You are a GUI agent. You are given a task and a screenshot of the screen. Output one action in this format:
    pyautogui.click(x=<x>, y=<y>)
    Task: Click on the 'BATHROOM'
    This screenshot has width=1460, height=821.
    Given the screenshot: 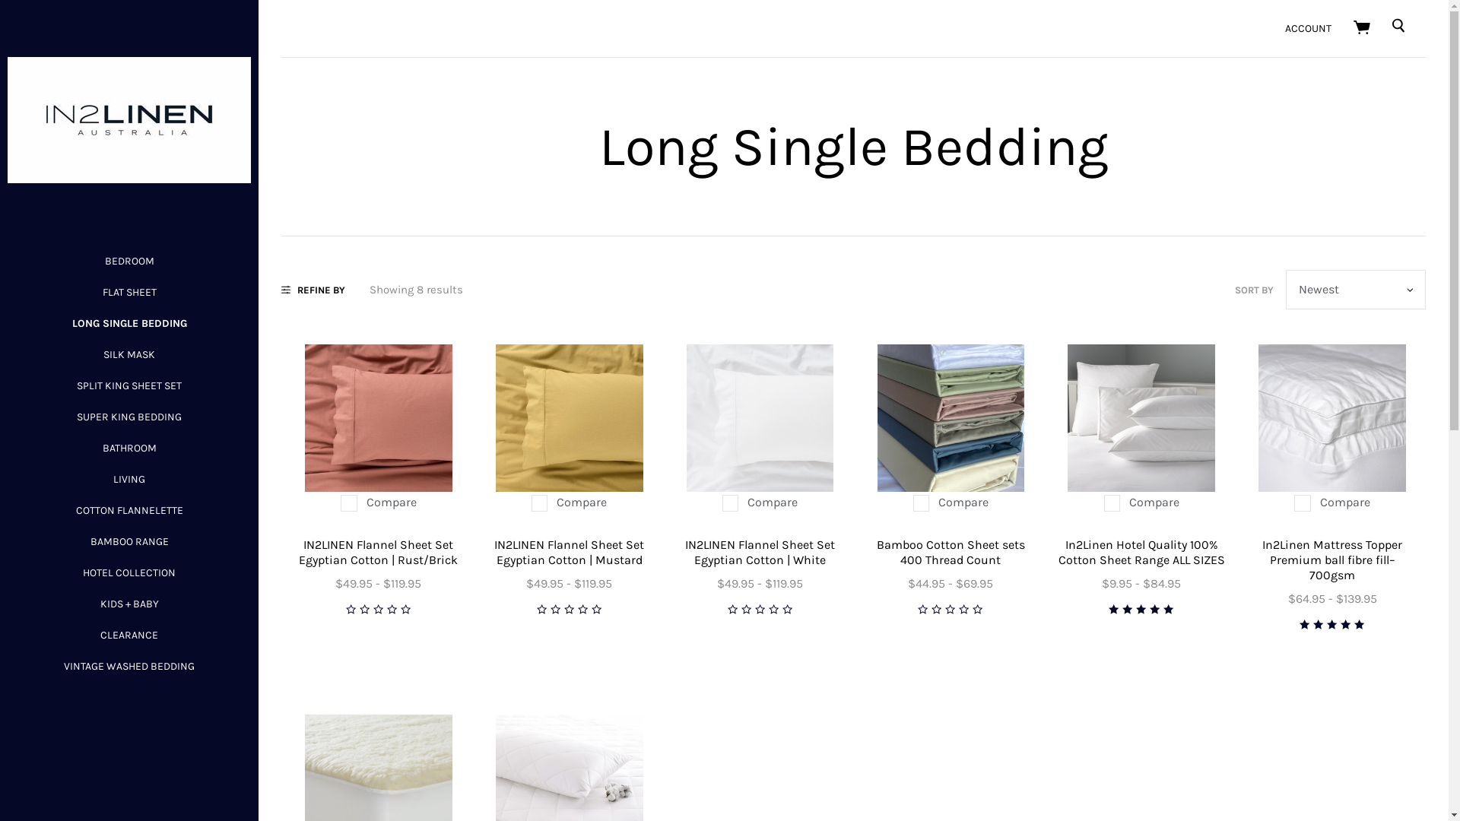 What is the action you would take?
    pyautogui.click(x=129, y=447)
    